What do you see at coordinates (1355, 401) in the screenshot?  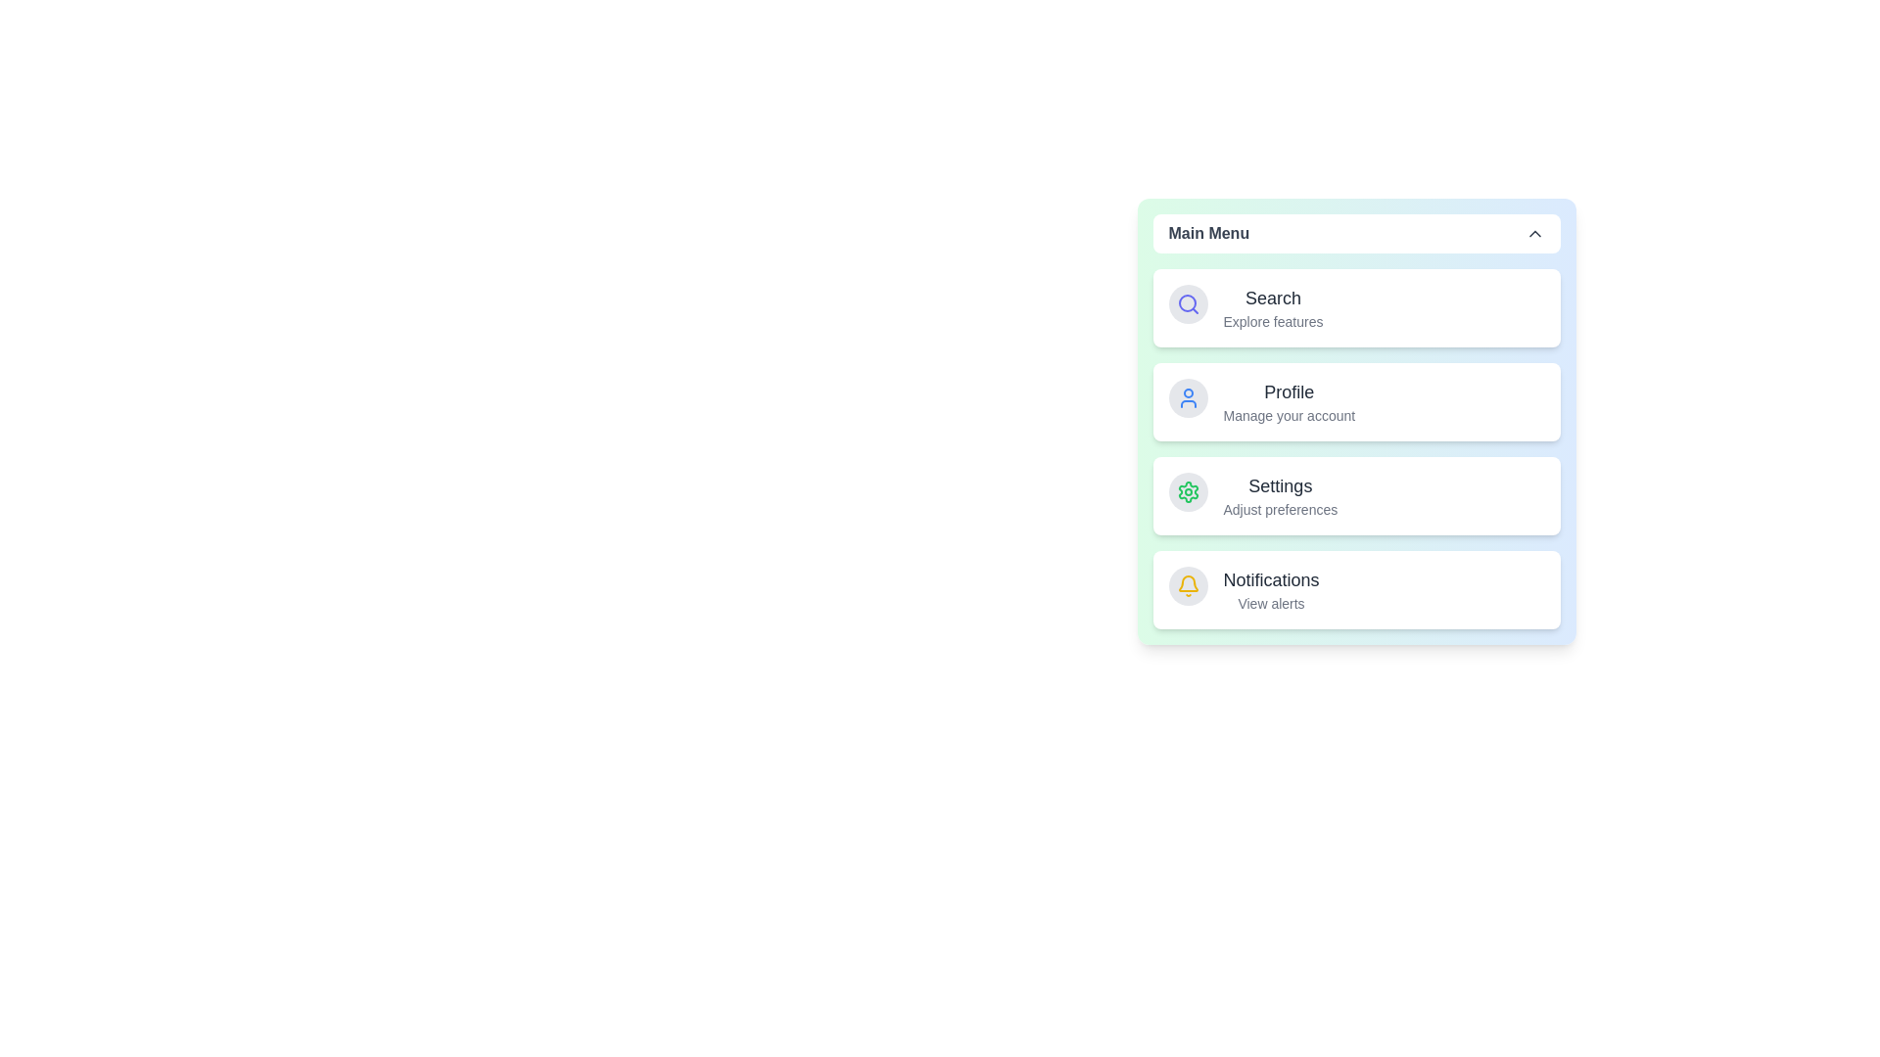 I see `the menu item corresponding to Profile` at bounding box center [1355, 401].